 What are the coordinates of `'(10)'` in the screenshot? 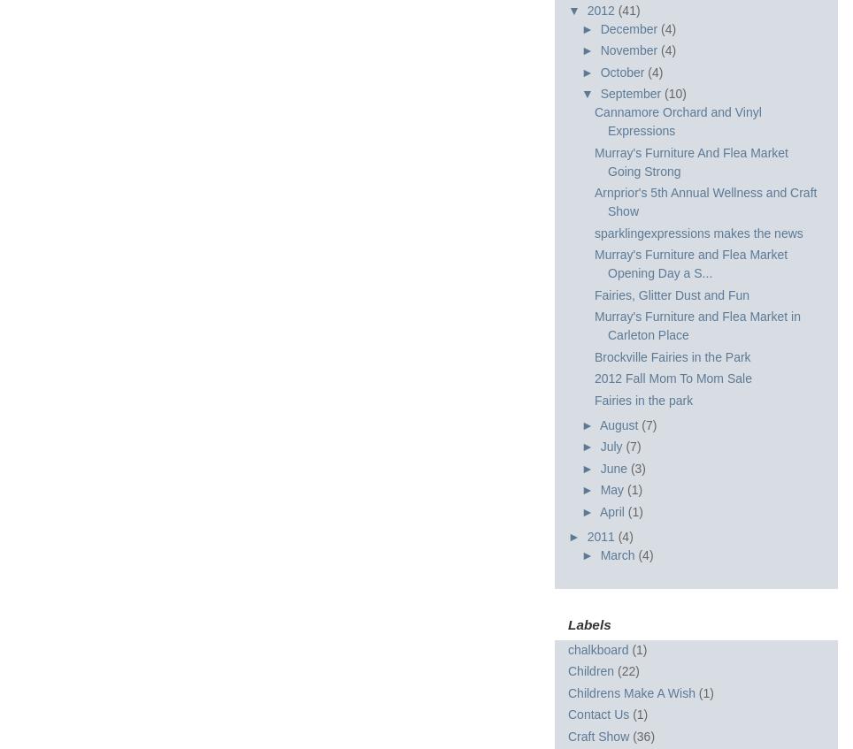 It's located at (663, 93).